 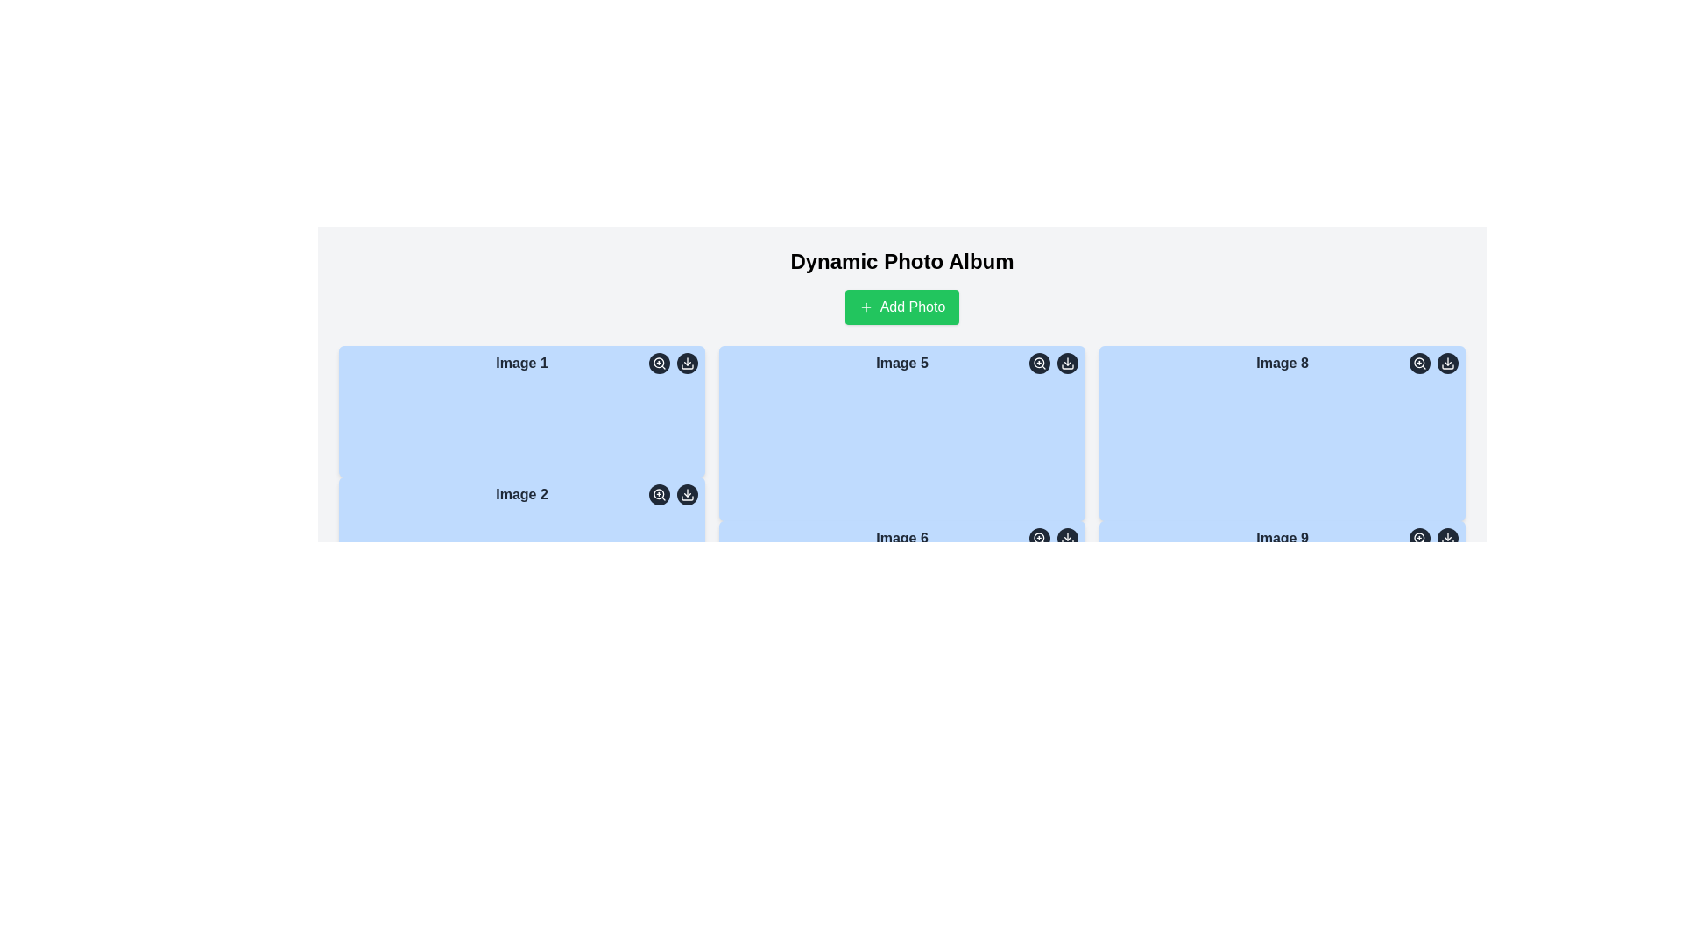 I want to click on the circular download button with a dark gray background and white download icon located in the top-right corner of the first image card to initiate downloading the content, so click(x=687, y=363).